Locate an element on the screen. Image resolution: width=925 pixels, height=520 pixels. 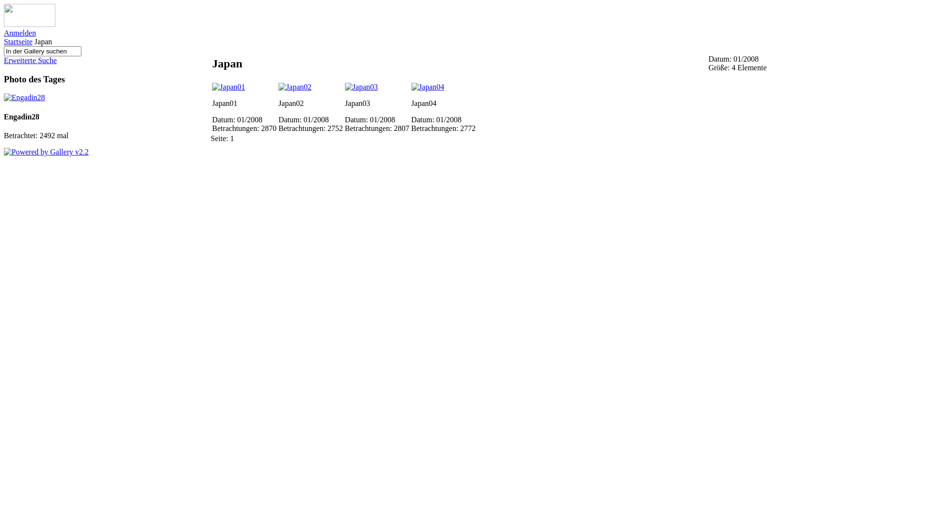
'Anmelden' is located at coordinates (20, 32).